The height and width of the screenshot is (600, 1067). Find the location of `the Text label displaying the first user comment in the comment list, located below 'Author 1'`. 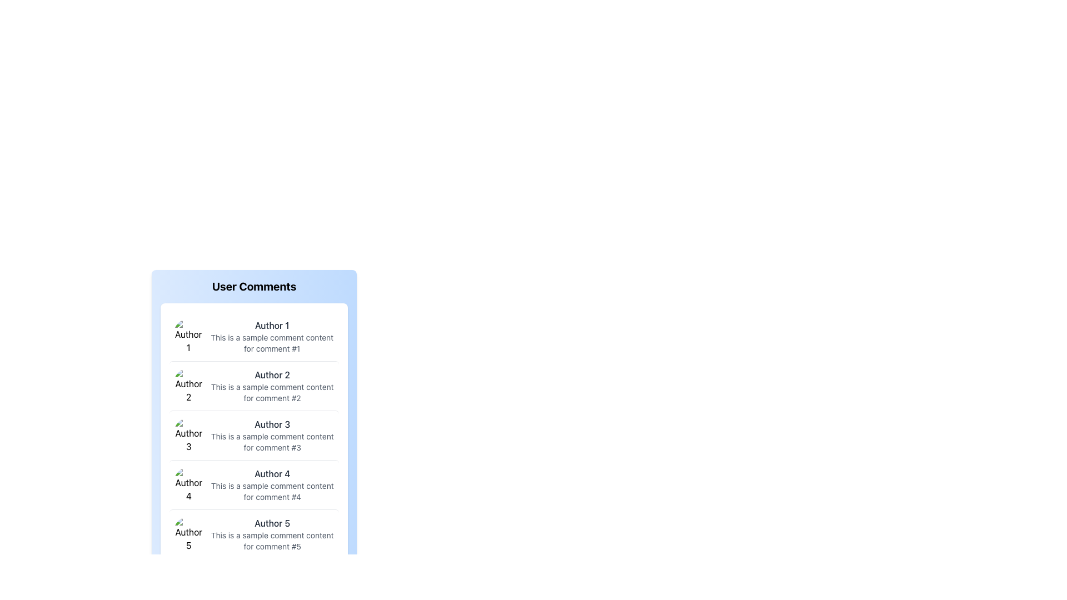

the Text label displaying the first user comment in the comment list, located below 'Author 1' is located at coordinates (272, 342).